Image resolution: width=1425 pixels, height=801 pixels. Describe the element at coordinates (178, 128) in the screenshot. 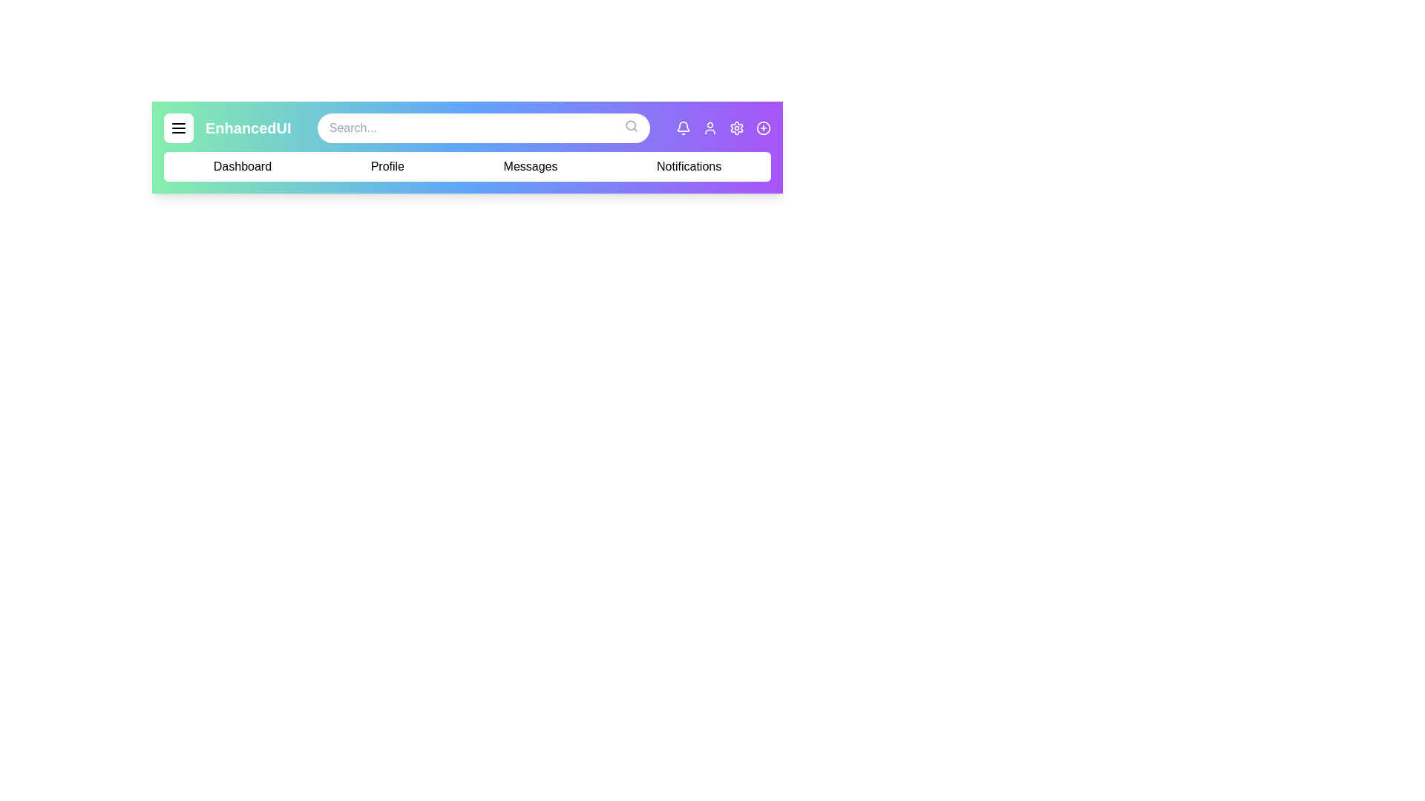

I see `the menu button to toggle the menu visibility` at that location.